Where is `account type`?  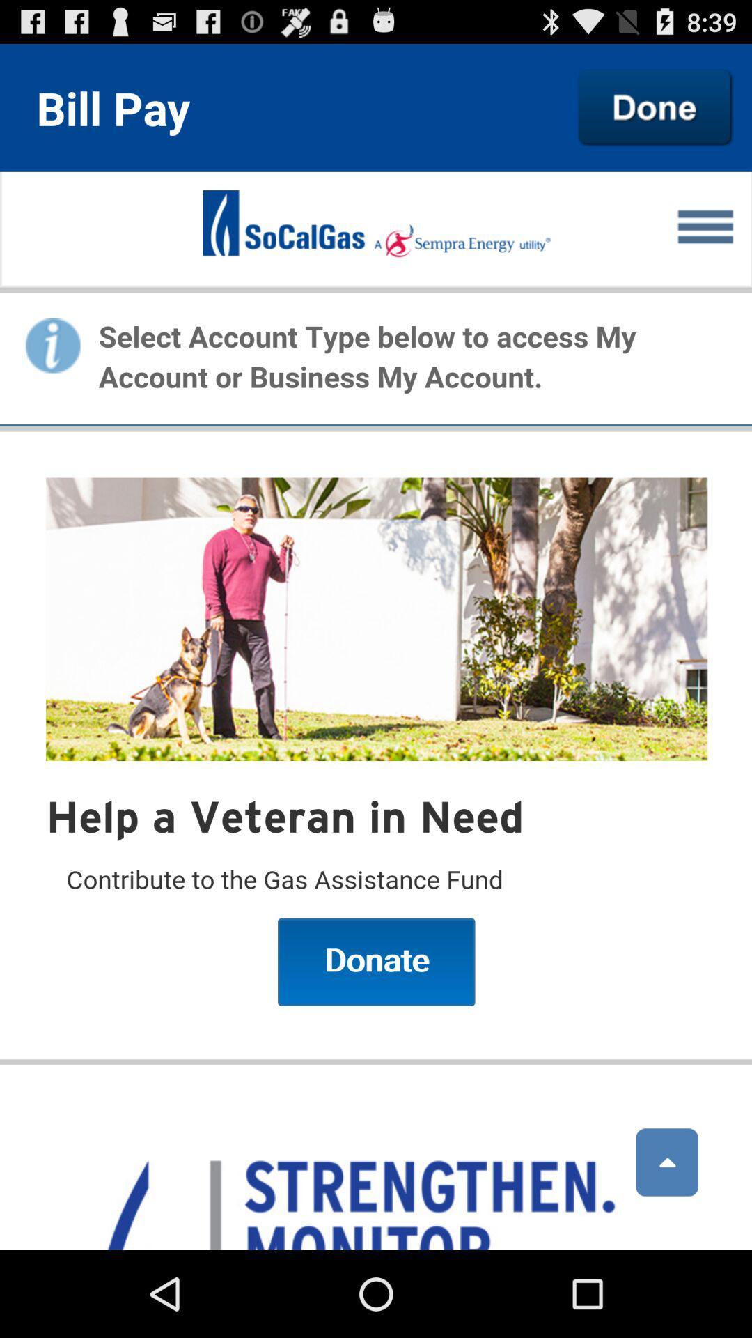
account type is located at coordinates (376, 711).